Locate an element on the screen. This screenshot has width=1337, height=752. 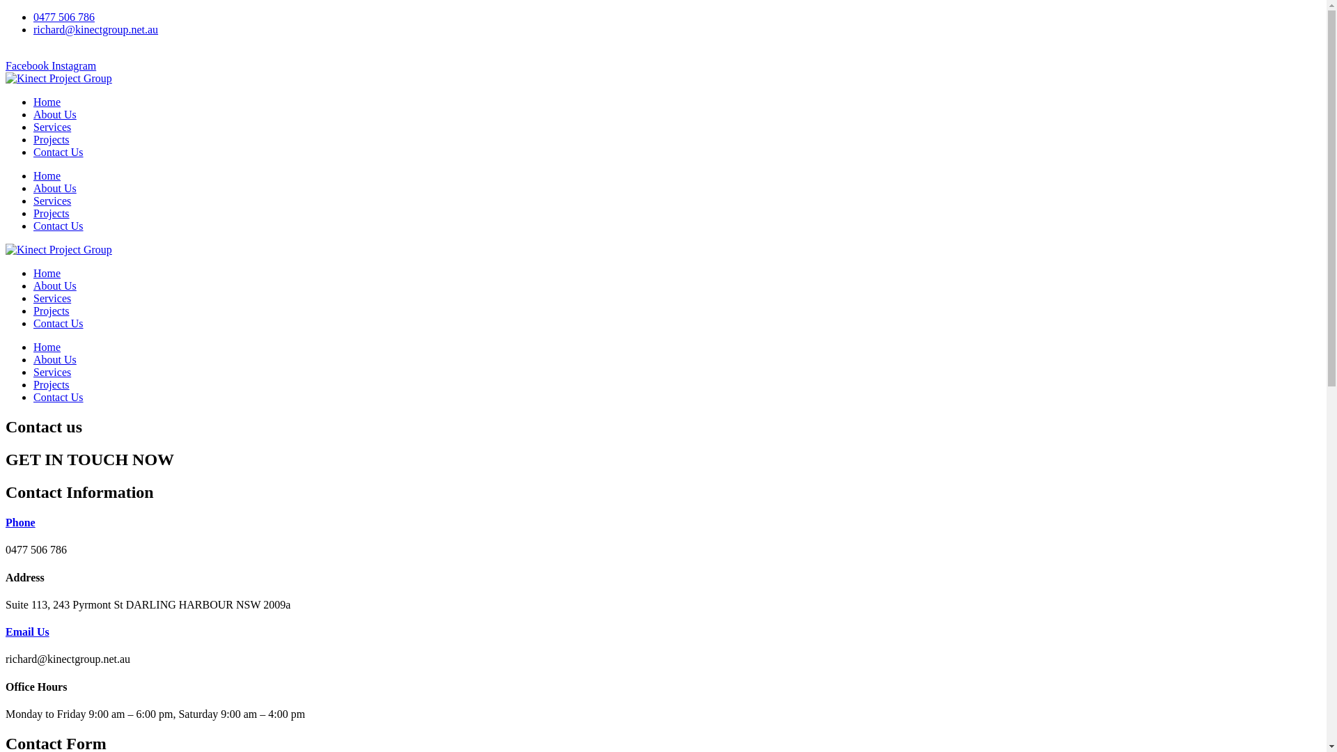
'Services' is located at coordinates (52, 127).